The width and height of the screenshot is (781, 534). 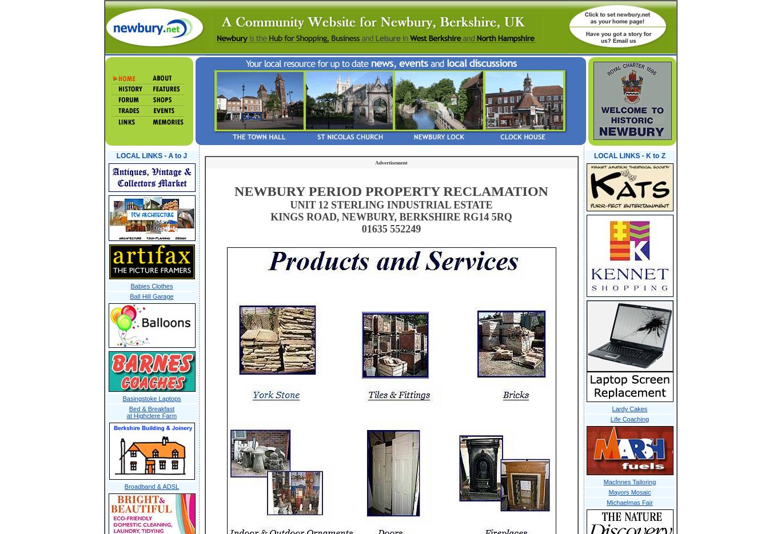 I want to click on '01635 552249', so click(x=390, y=229).